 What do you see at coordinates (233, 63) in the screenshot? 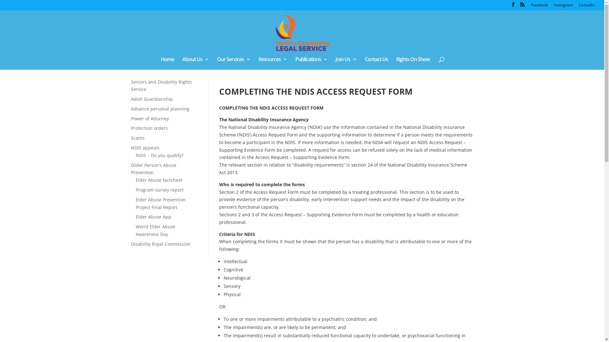
I see `'Our Services'` at bounding box center [233, 63].